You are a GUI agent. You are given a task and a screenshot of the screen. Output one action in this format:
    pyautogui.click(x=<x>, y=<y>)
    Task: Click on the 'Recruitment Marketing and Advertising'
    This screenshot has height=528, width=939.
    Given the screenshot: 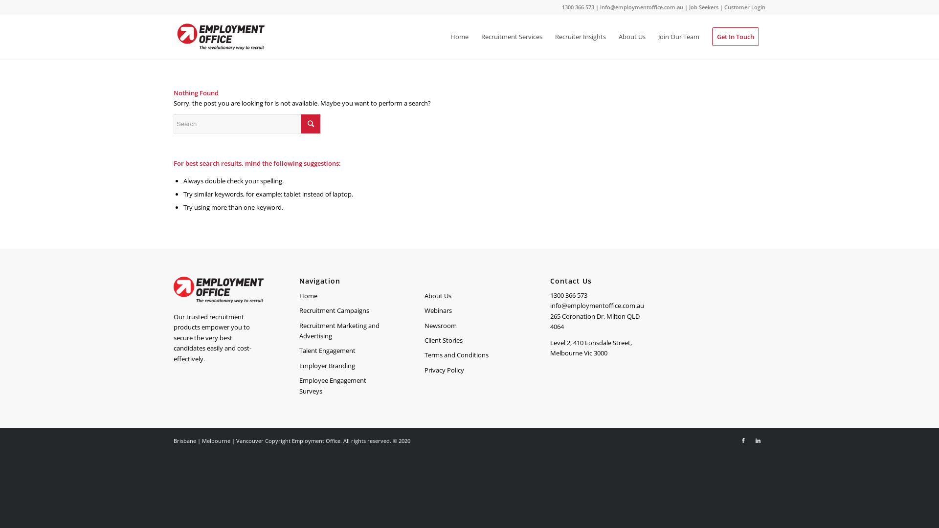 What is the action you would take?
    pyautogui.click(x=298, y=331)
    